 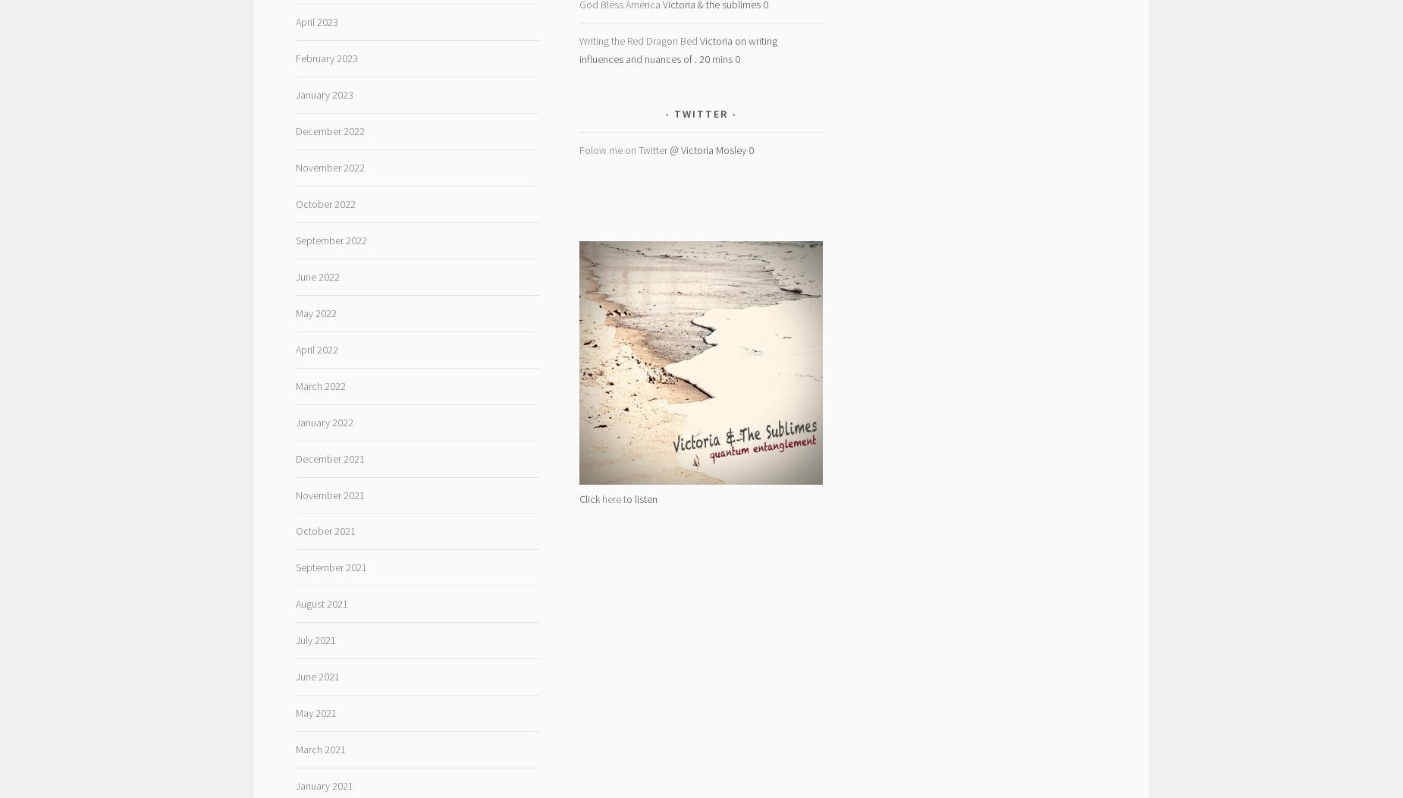 What do you see at coordinates (294, 495) in the screenshot?
I see `'November 2021'` at bounding box center [294, 495].